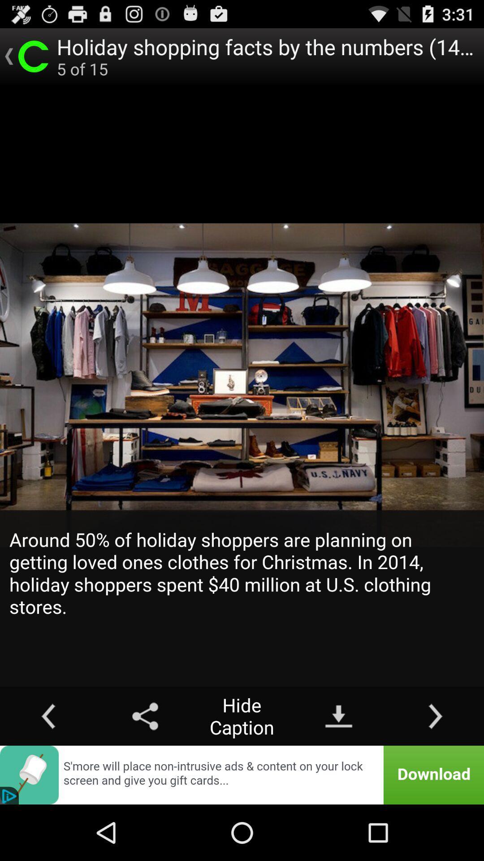 Image resolution: width=484 pixels, height=861 pixels. I want to click on the share icon, so click(145, 766).